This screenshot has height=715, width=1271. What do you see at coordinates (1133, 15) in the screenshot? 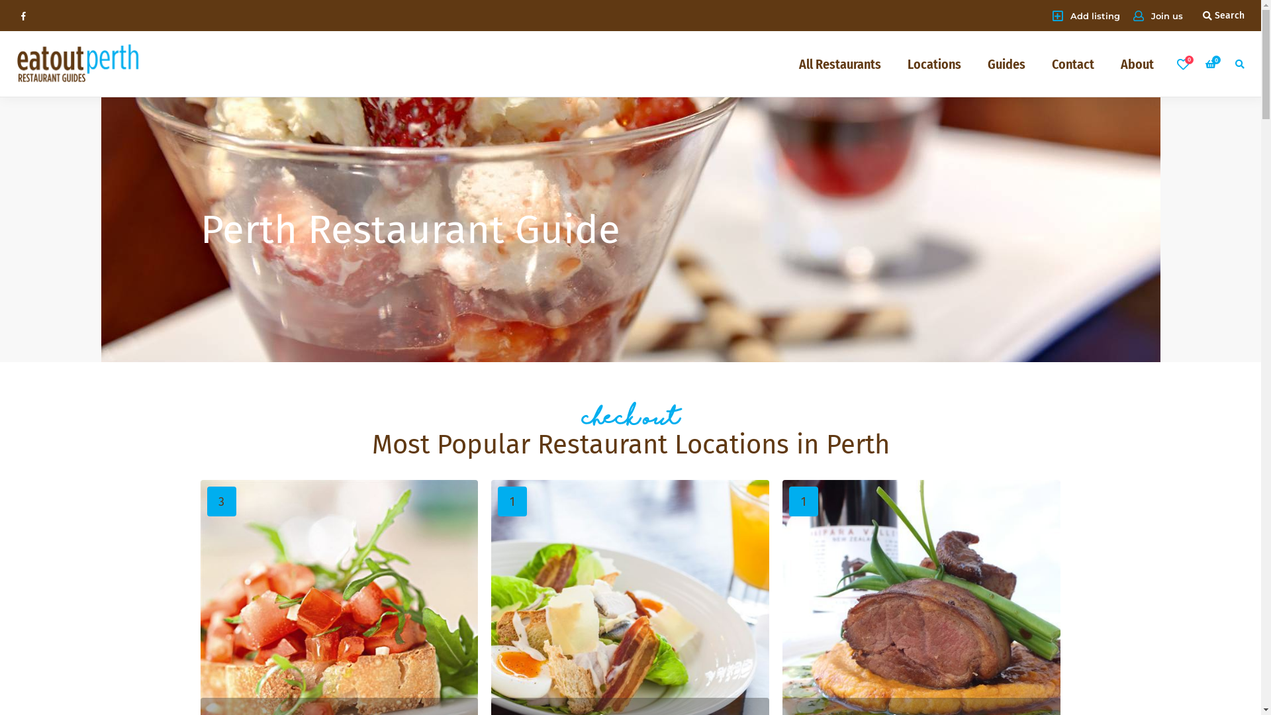
I see `'Join us'` at bounding box center [1133, 15].